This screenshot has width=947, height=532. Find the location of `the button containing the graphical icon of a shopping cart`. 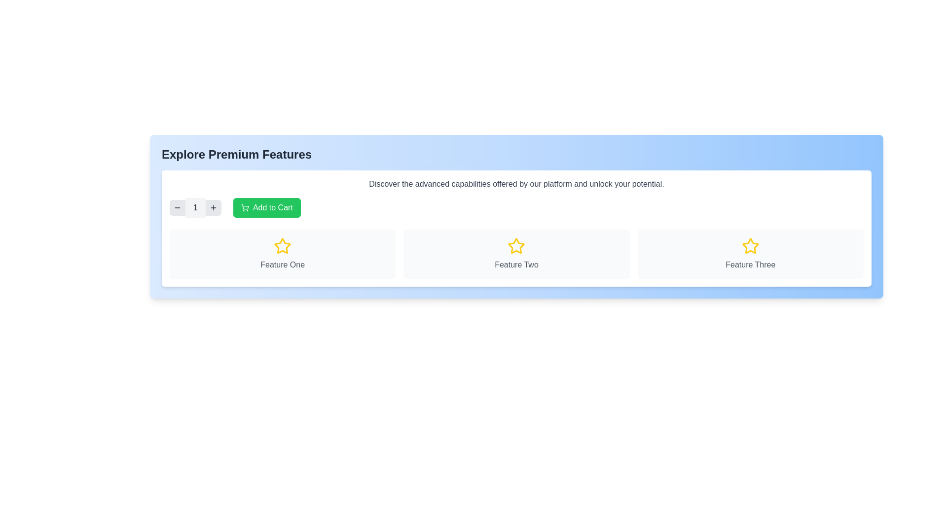

the button containing the graphical icon of a shopping cart is located at coordinates (245, 206).